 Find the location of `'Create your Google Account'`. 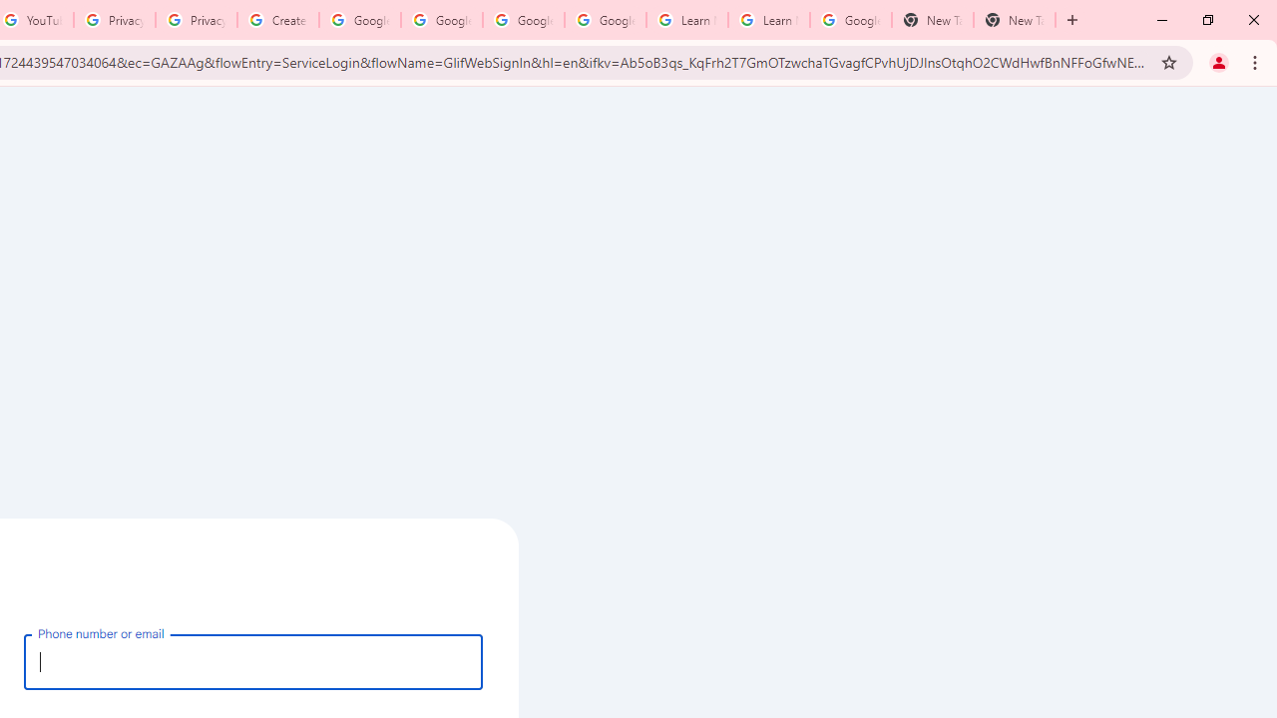

'Create your Google Account' is located at coordinates (277, 20).